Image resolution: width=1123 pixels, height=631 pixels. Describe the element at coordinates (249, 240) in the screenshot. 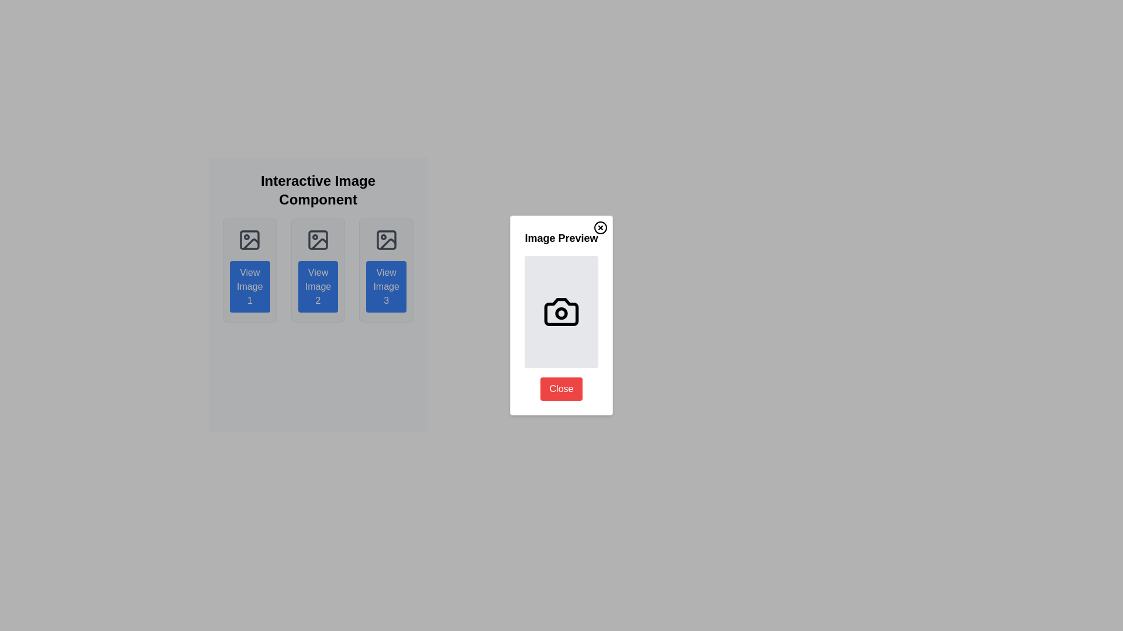

I see `the first rectangular icon with rounded corners, filled in a solid color, located in the interactive image section, which is part of a larger icon representing an image` at that location.